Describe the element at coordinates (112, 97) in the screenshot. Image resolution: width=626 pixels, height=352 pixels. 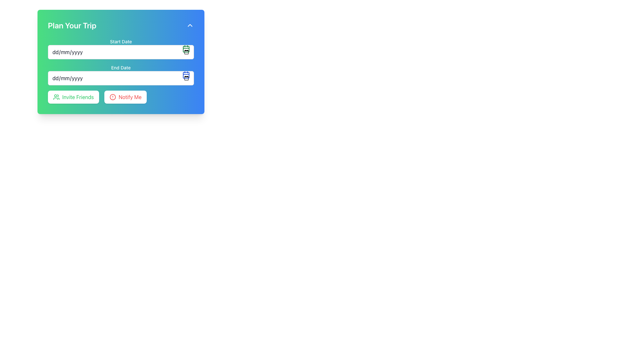
I see `the decorative circle that serves as the outer boundary of the alert icon, located to the left of the 'Notify Me' button` at that location.